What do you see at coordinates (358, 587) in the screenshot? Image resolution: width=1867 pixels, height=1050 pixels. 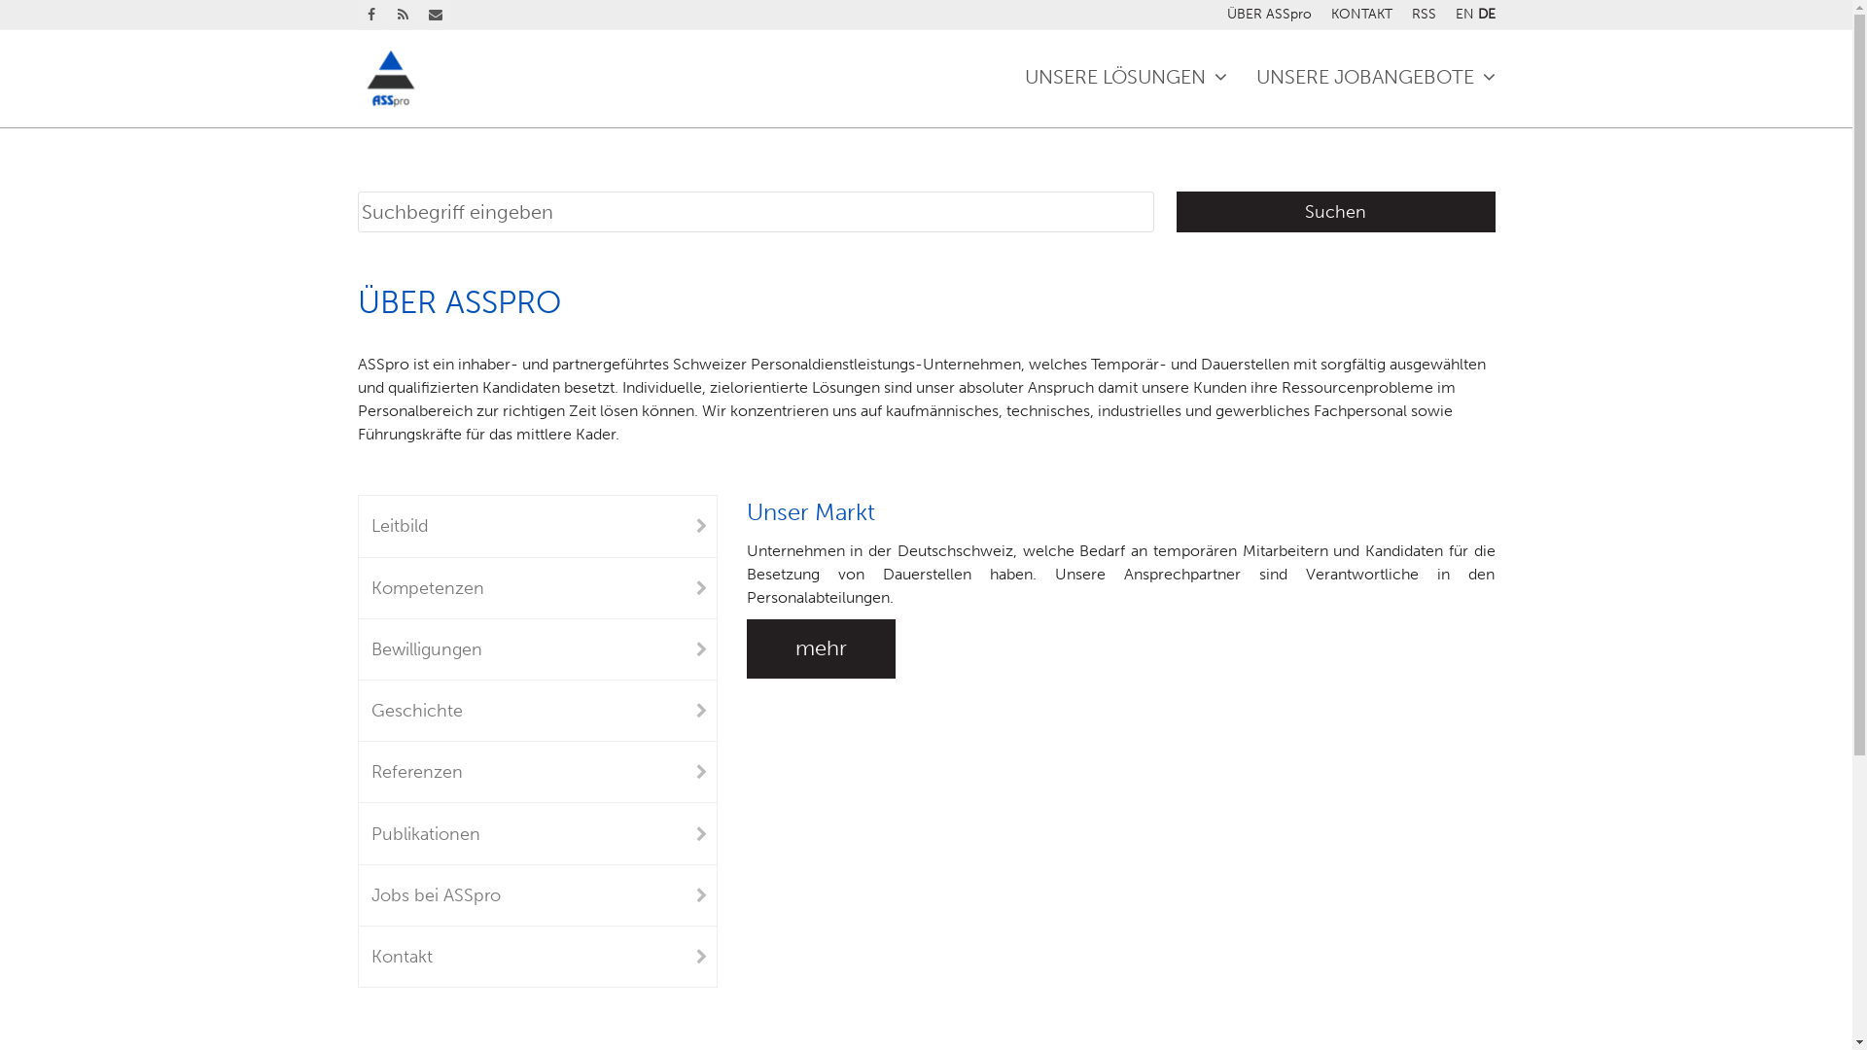 I see `'Kompetenzen'` at bounding box center [358, 587].